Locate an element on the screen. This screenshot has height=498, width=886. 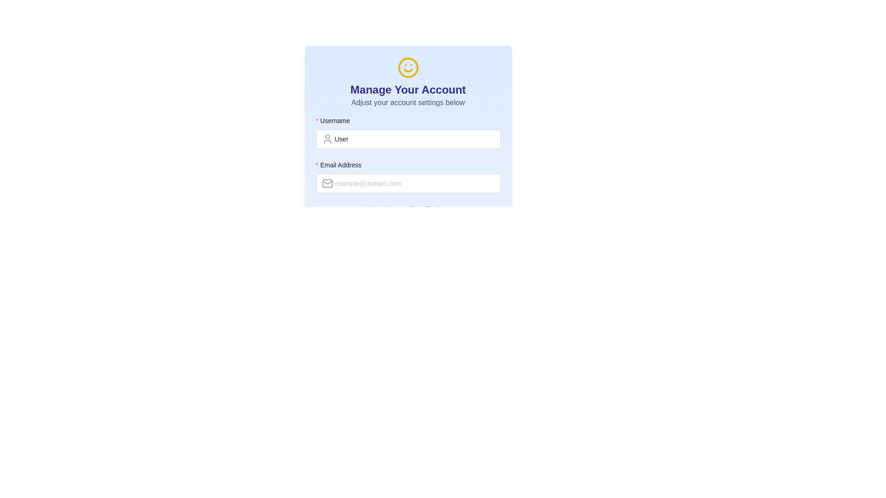
the account settings form card, which is the primary content card centered in the modal area is located at coordinates (407, 158).